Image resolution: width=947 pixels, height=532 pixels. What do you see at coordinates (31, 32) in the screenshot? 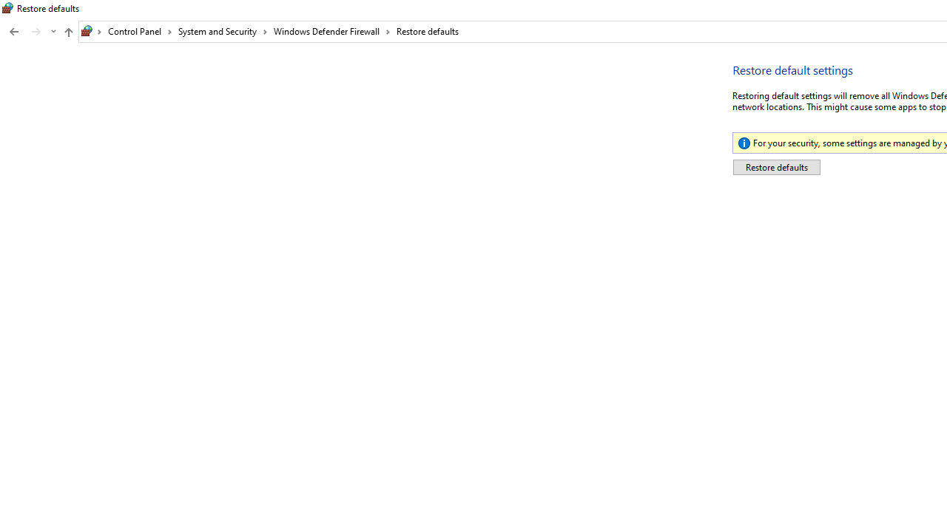
I see `'Navigation buttons'` at bounding box center [31, 32].